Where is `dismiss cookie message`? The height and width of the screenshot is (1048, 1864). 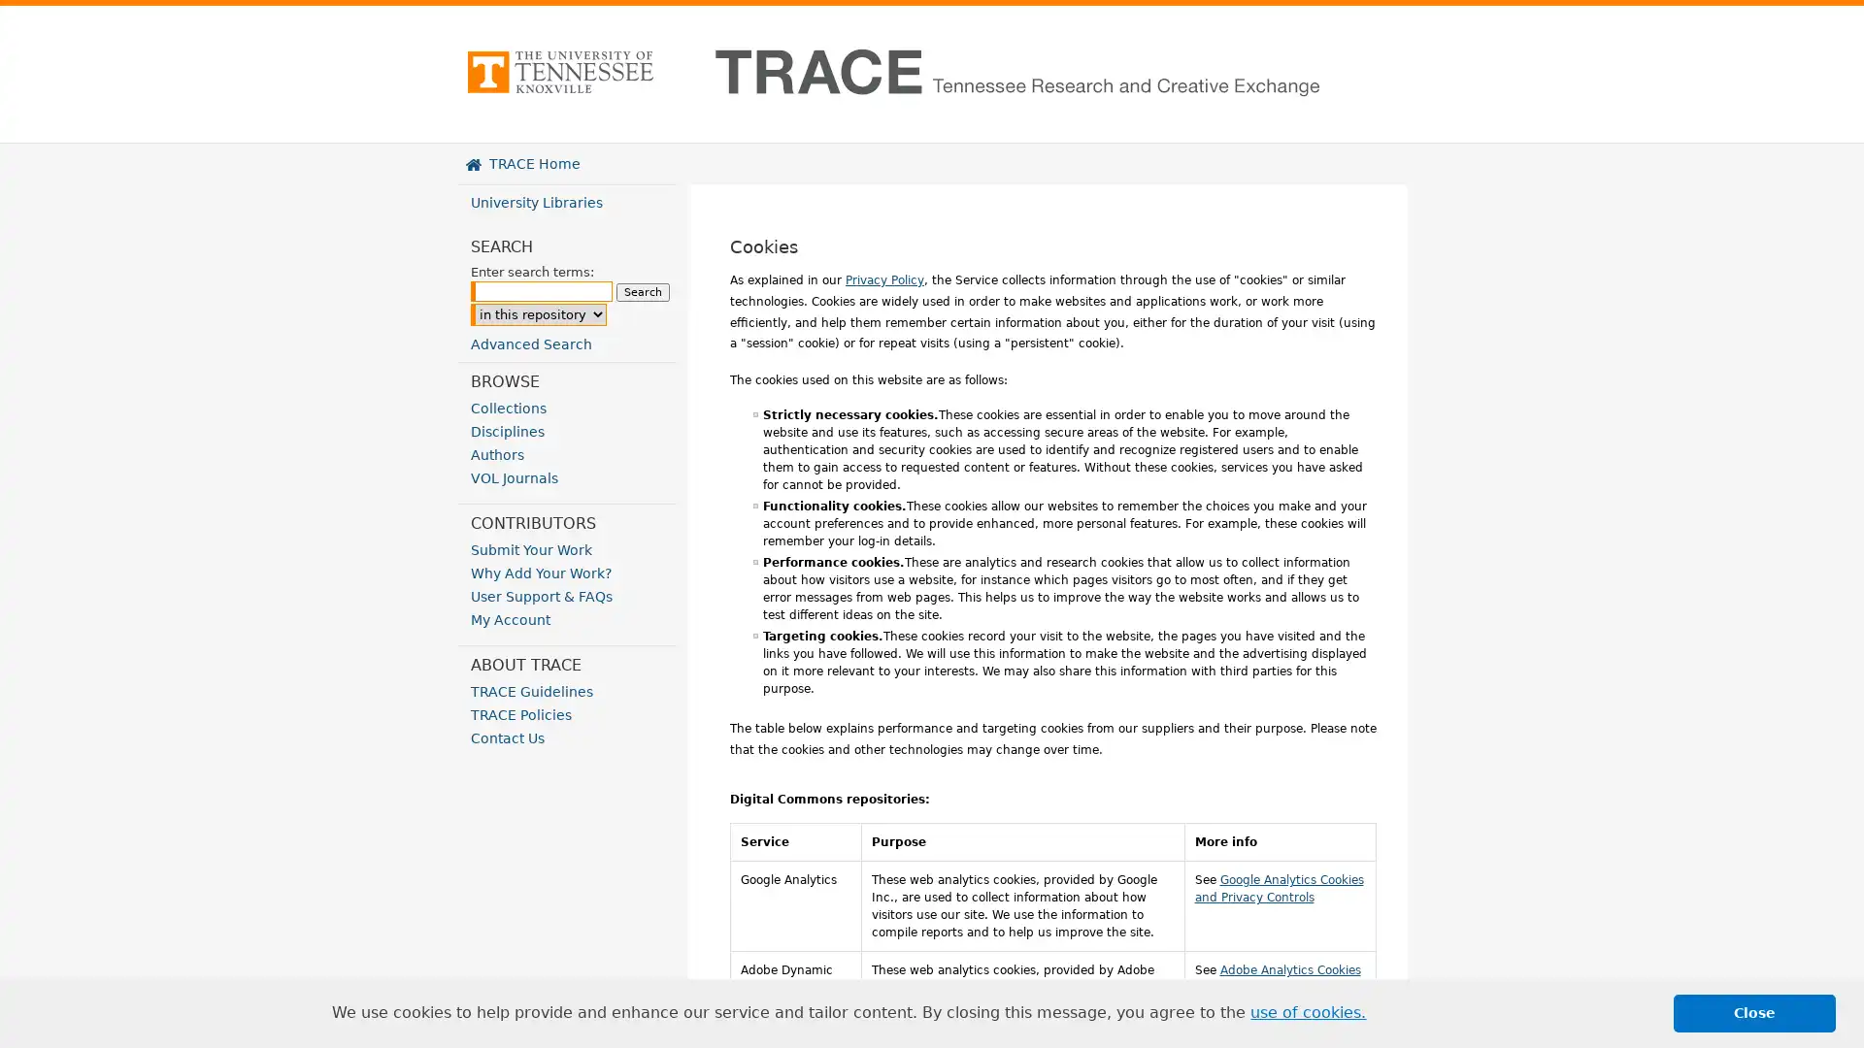 dismiss cookie message is located at coordinates (1754, 1012).